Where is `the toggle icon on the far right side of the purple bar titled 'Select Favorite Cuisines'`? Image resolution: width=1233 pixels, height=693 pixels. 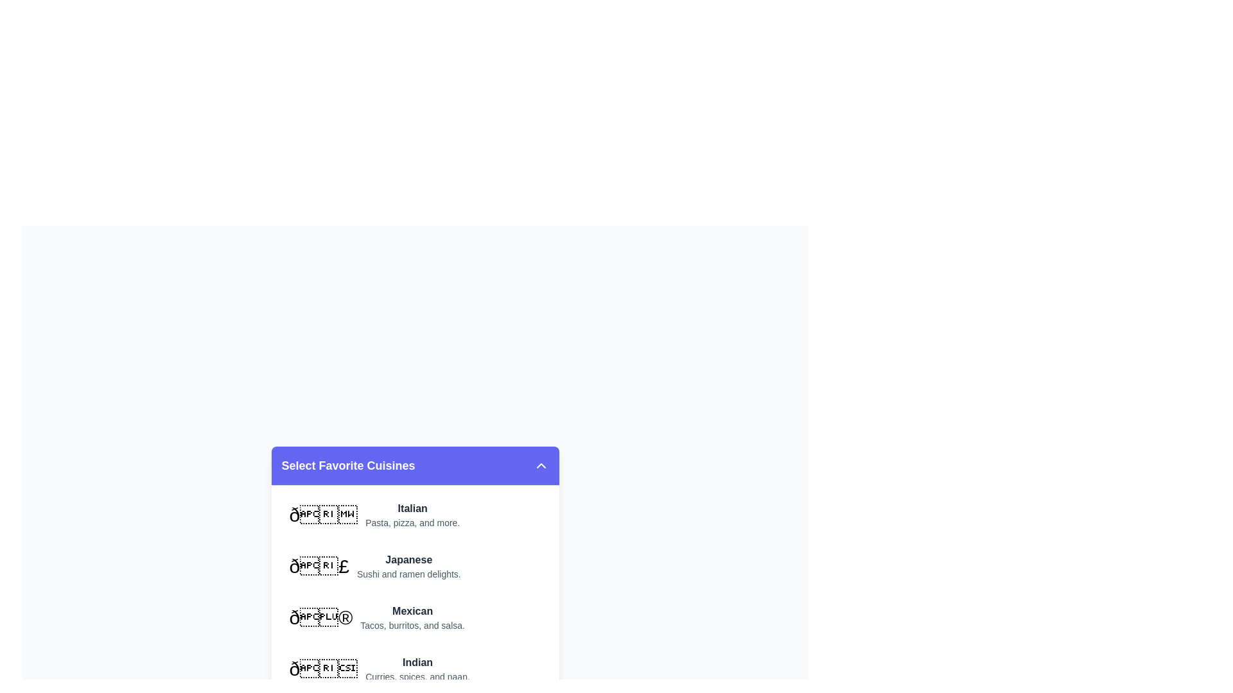 the toggle icon on the far right side of the purple bar titled 'Select Favorite Cuisines' is located at coordinates (541, 465).